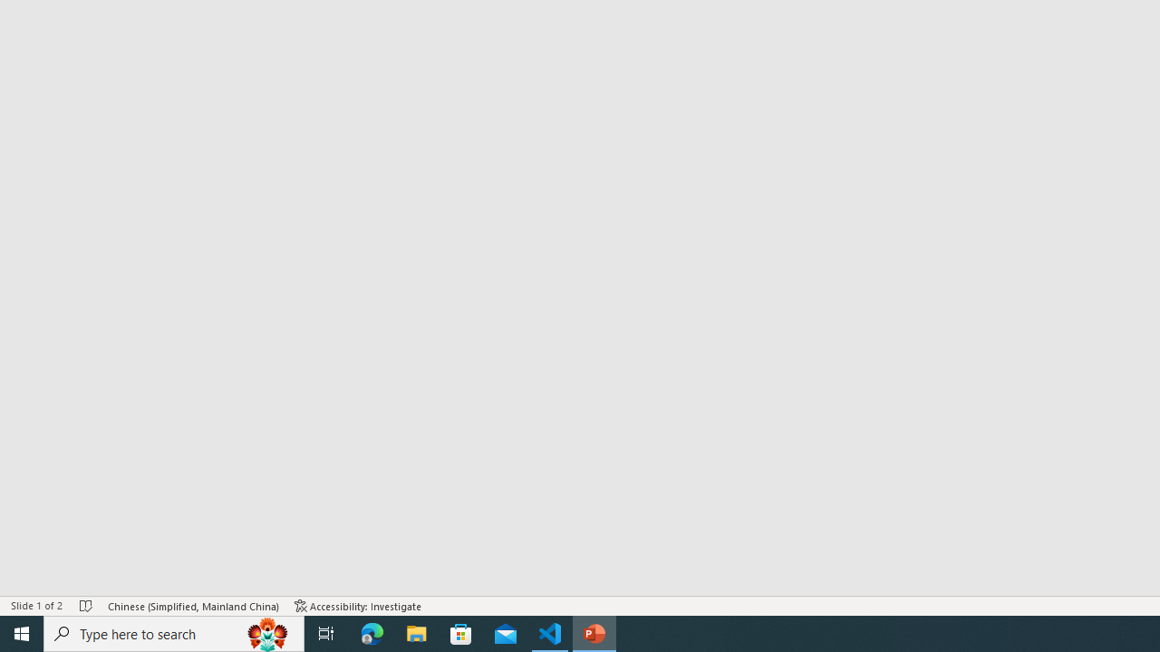  I want to click on 'PowerPoint - 1 running window', so click(594, 632).